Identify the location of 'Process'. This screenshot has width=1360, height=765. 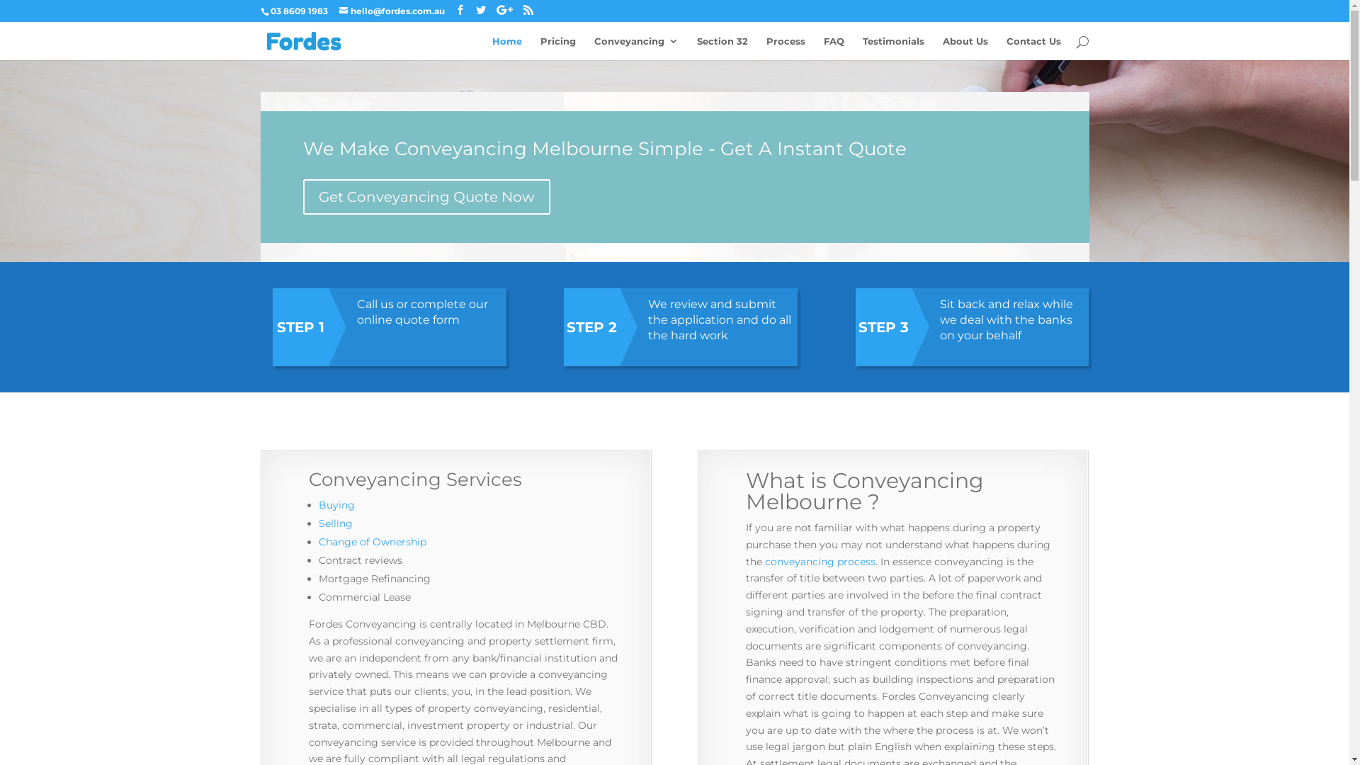
(785, 47).